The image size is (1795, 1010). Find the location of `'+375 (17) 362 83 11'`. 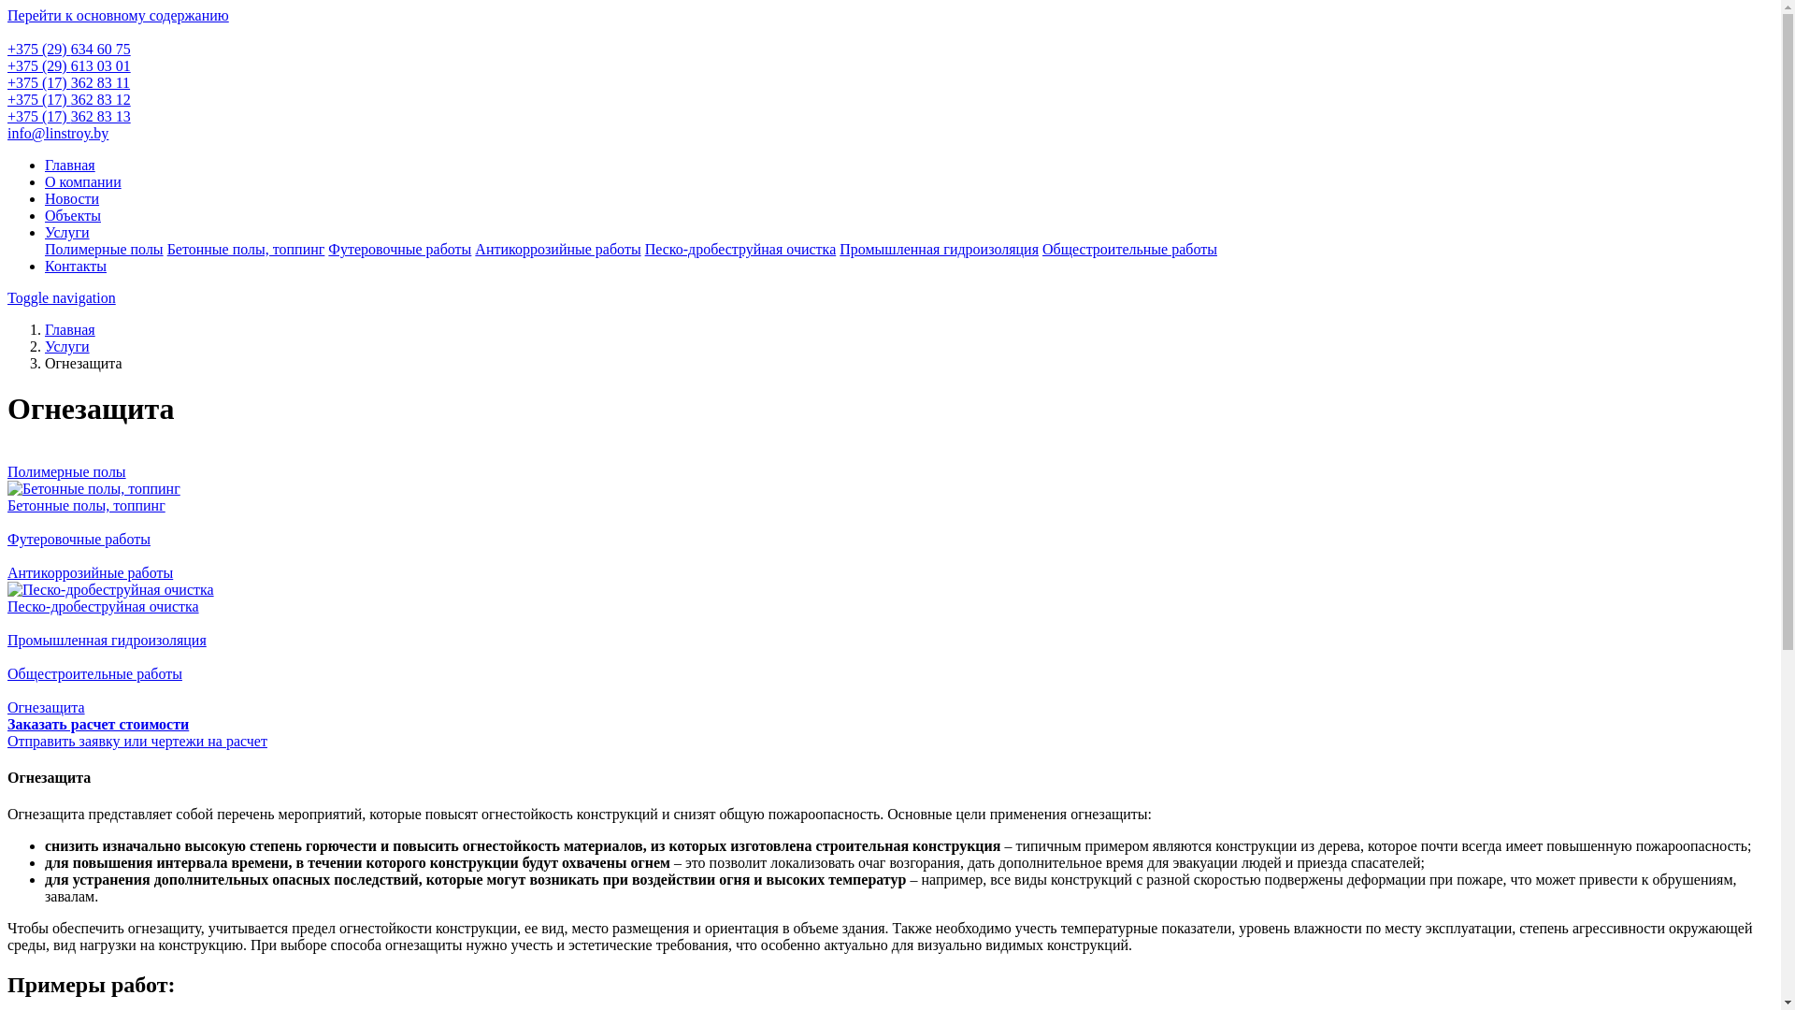

'+375 (17) 362 83 11' is located at coordinates (68, 81).